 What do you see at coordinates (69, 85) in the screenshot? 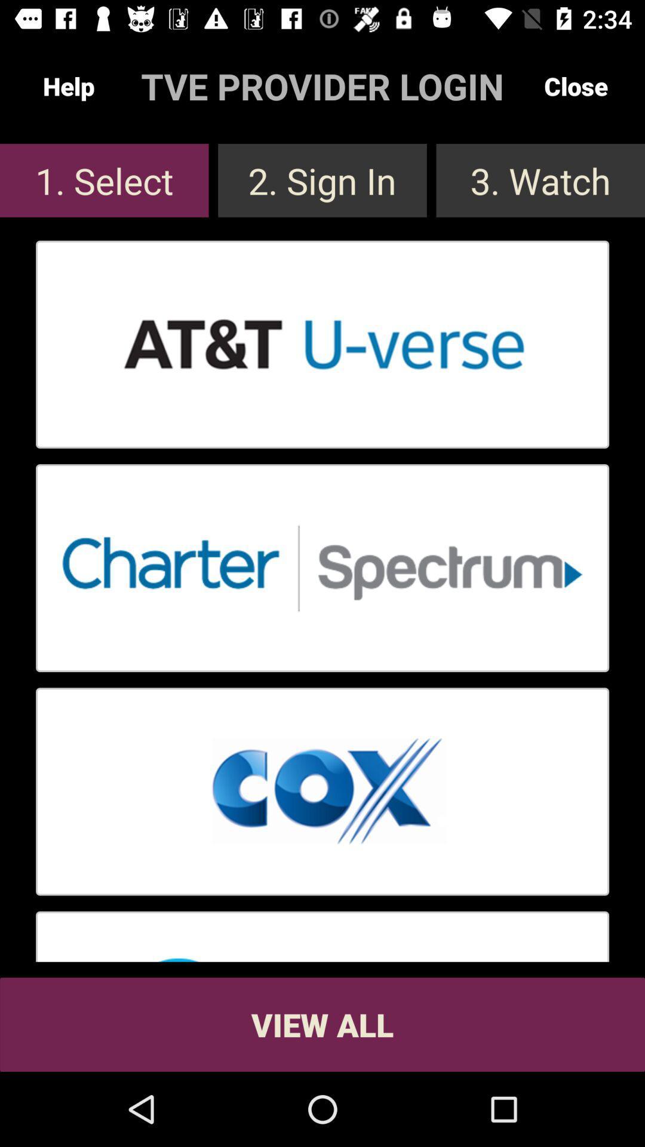
I see `the icon to the left of tve provider login item` at bounding box center [69, 85].